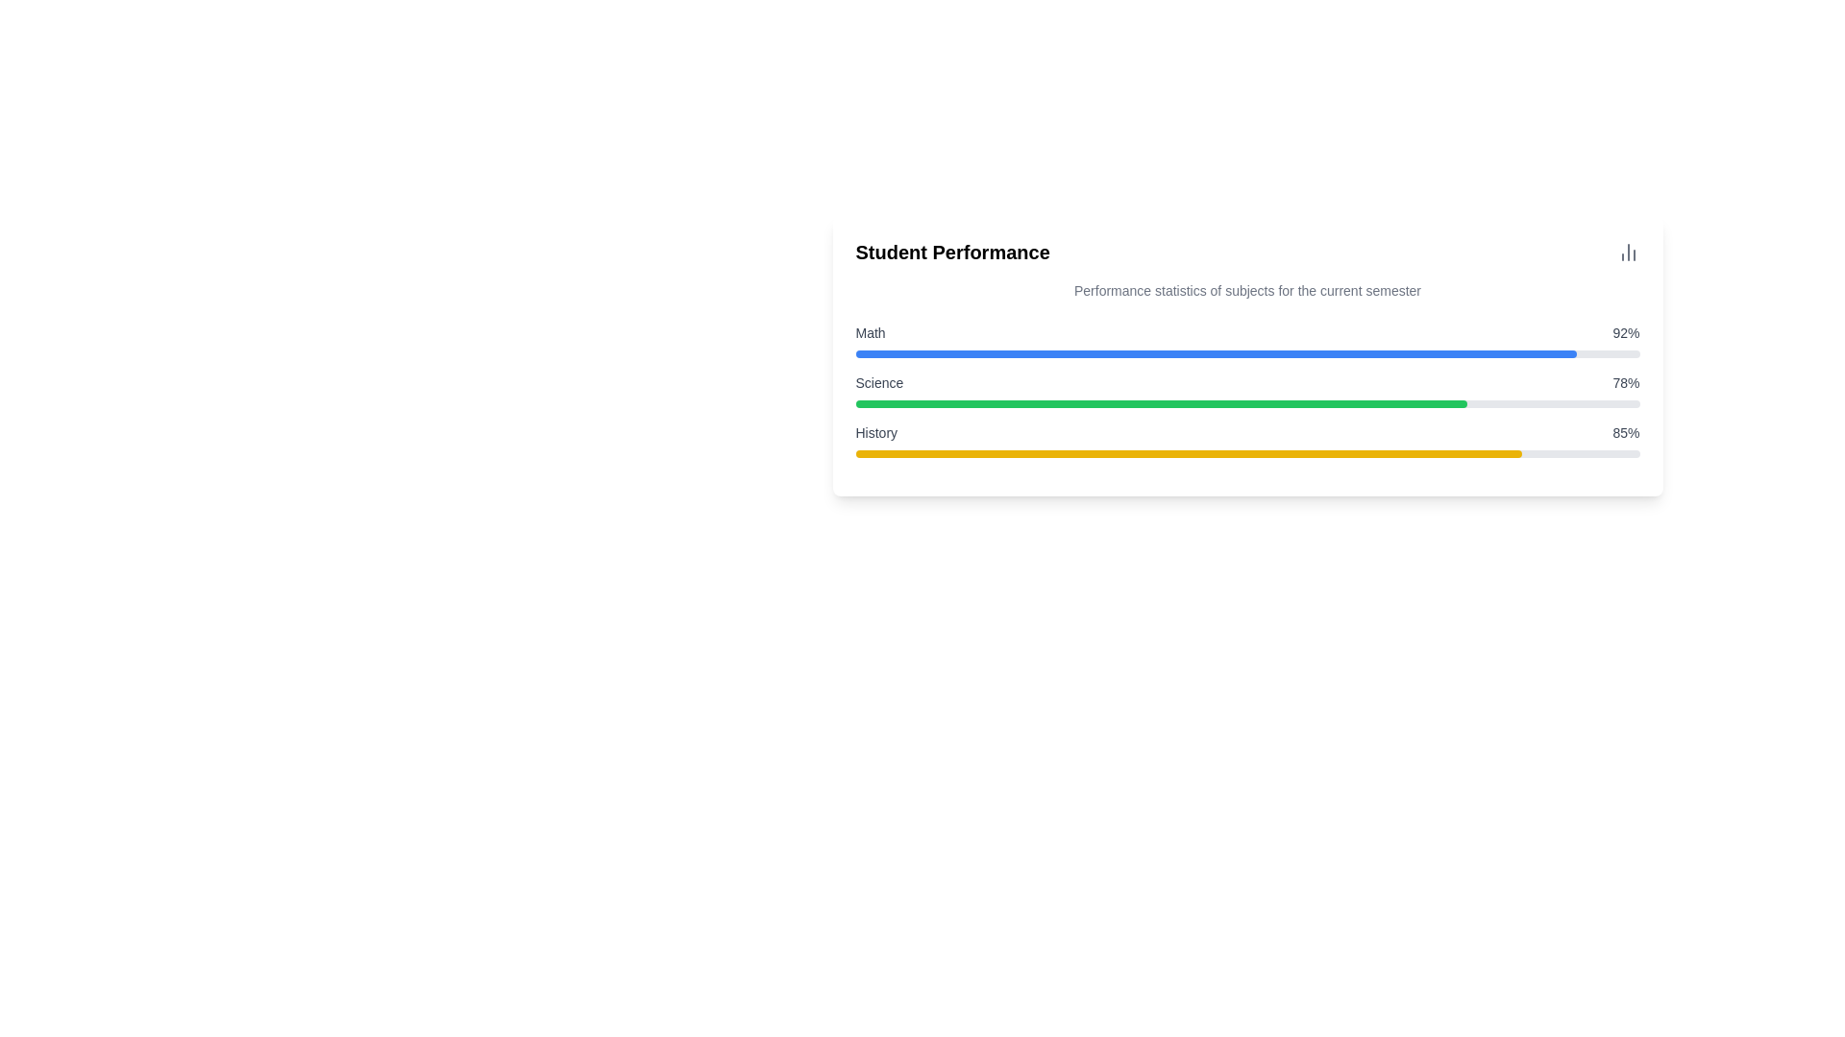  Describe the element at coordinates (878, 382) in the screenshot. I see `the text label element displaying 'Science', which is styled in a small font size with medium weight and gray color, positioned to the left of the percentage value '78%'` at that location.